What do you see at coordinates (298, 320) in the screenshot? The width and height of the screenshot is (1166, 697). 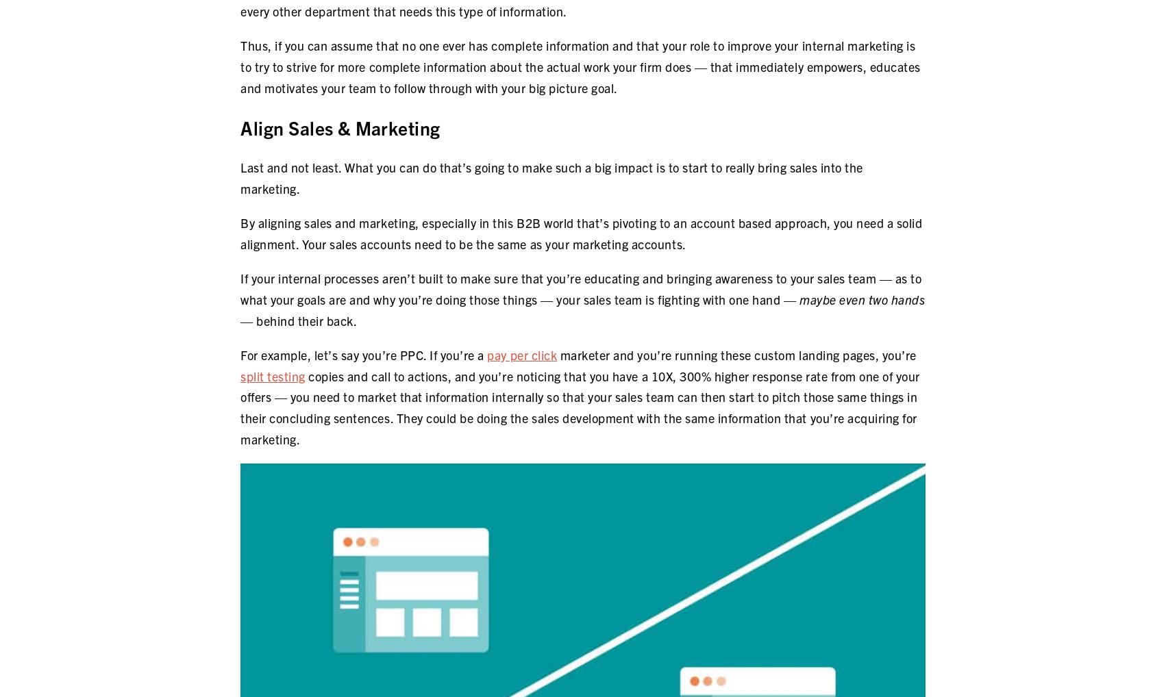 I see `'— behind their back.'` at bounding box center [298, 320].